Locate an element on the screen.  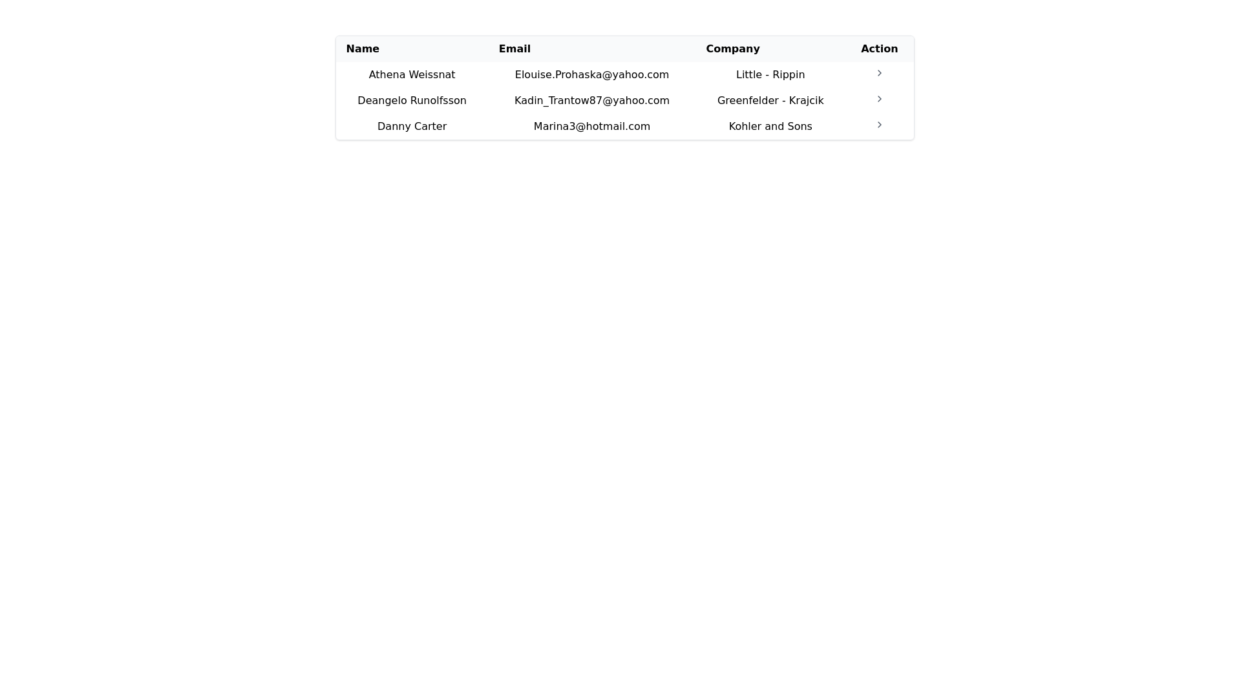
the clickable icon in the last column of the second row associated with user 'Deangelo Runolfsson' is located at coordinates (879, 100).